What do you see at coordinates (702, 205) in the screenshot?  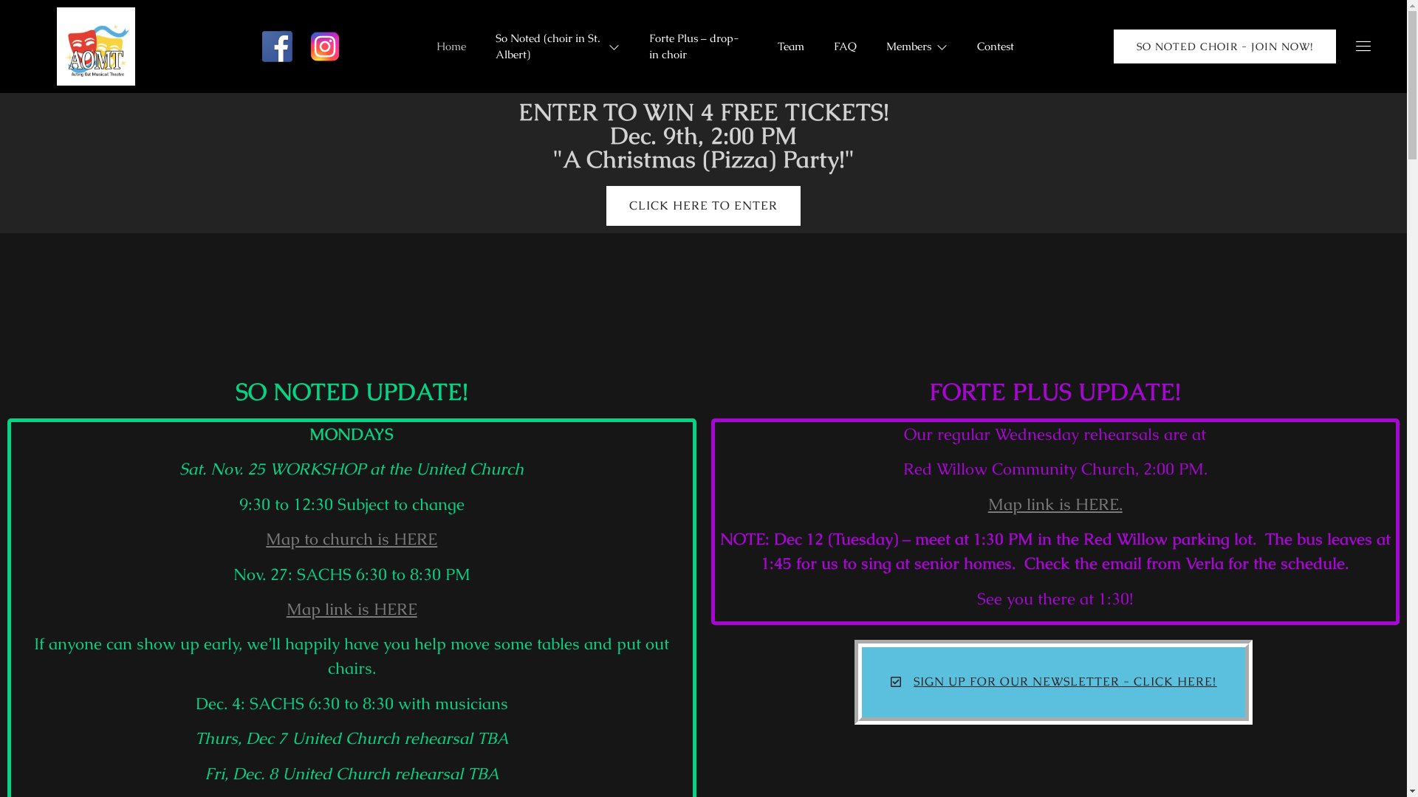 I see `'CLICK HERE TO ENTER'` at bounding box center [702, 205].